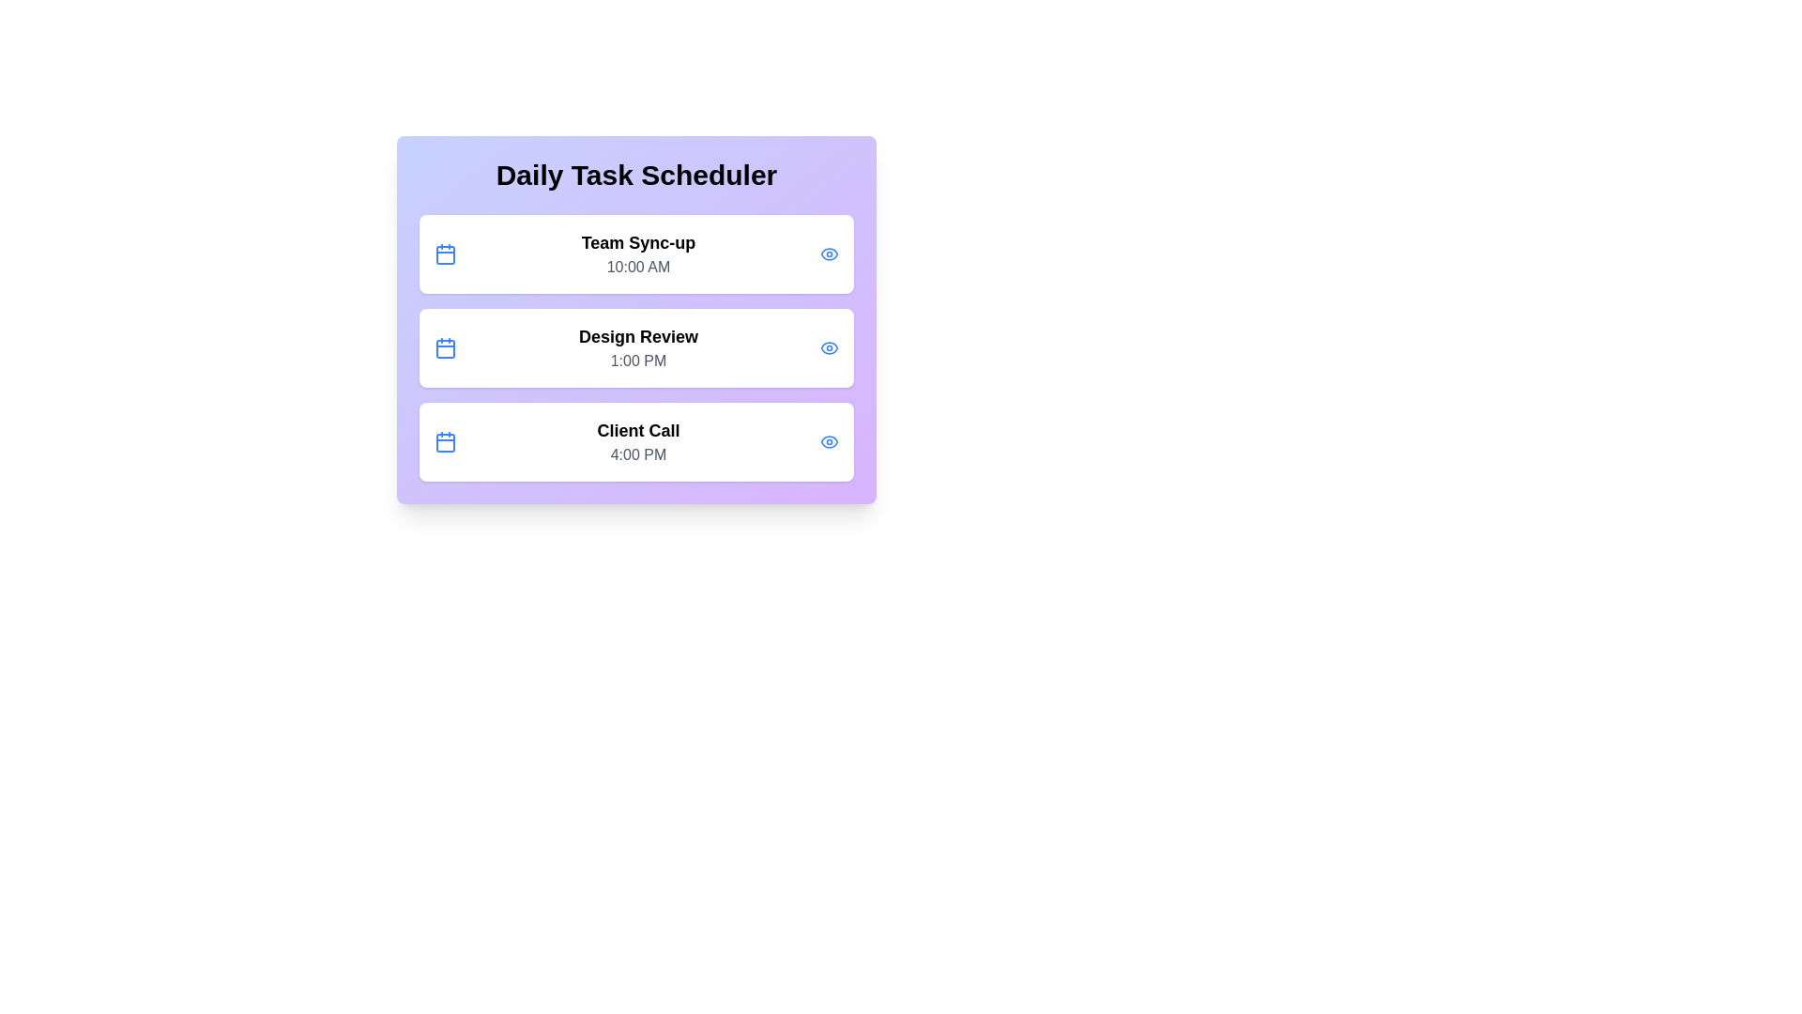 This screenshot has width=1802, height=1014. What do you see at coordinates (445, 441) in the screenshot?
I see `the calendar icon for the task Client Call` at bounding box center [445, 441].